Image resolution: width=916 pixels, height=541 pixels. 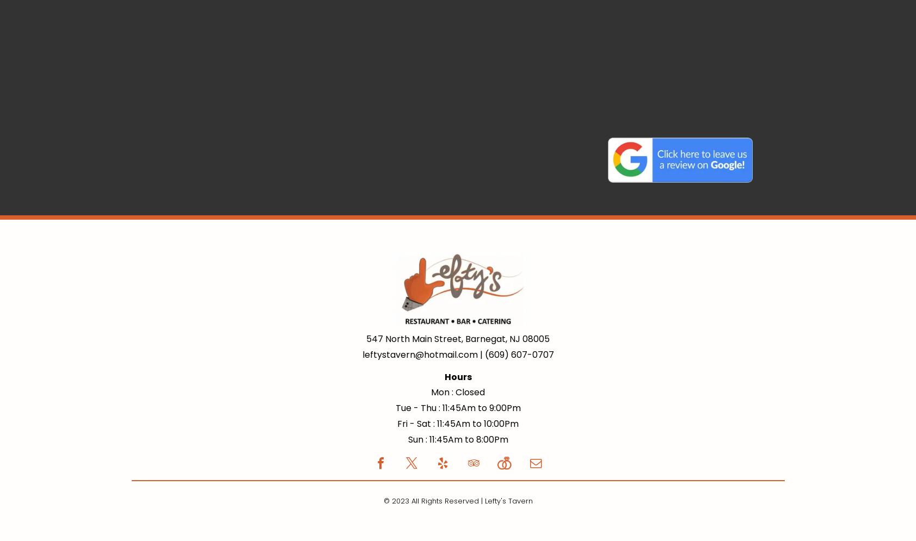 I want to click on 'All Rights Reserved | Lefty's Tavern', so click(x=471, y=500).